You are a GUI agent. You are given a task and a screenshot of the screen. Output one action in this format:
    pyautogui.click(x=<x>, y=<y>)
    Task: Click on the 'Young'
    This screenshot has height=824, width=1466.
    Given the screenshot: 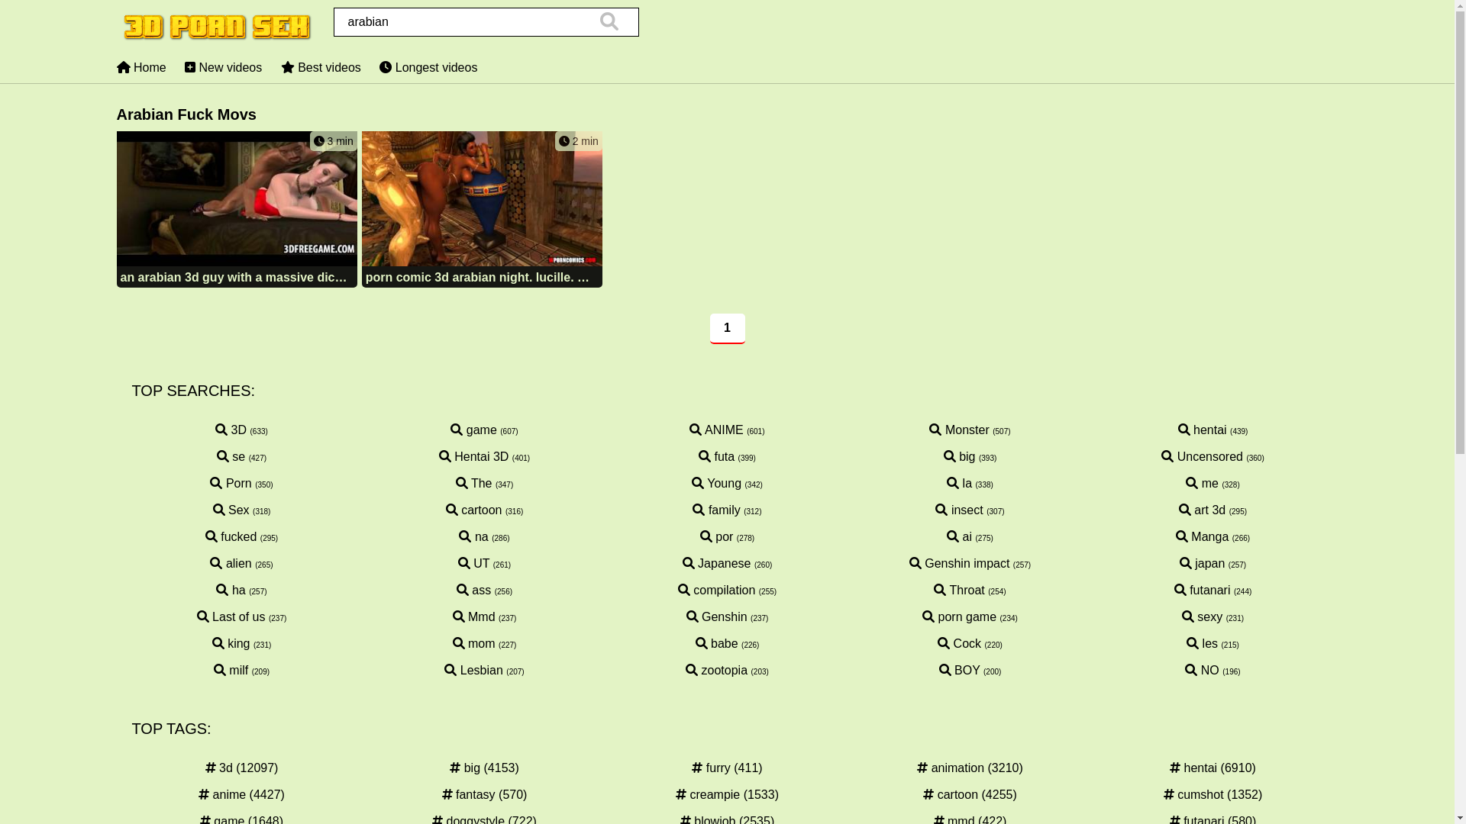 What is the action you would take?
    pyautogui.click(x=715, y=483)
    